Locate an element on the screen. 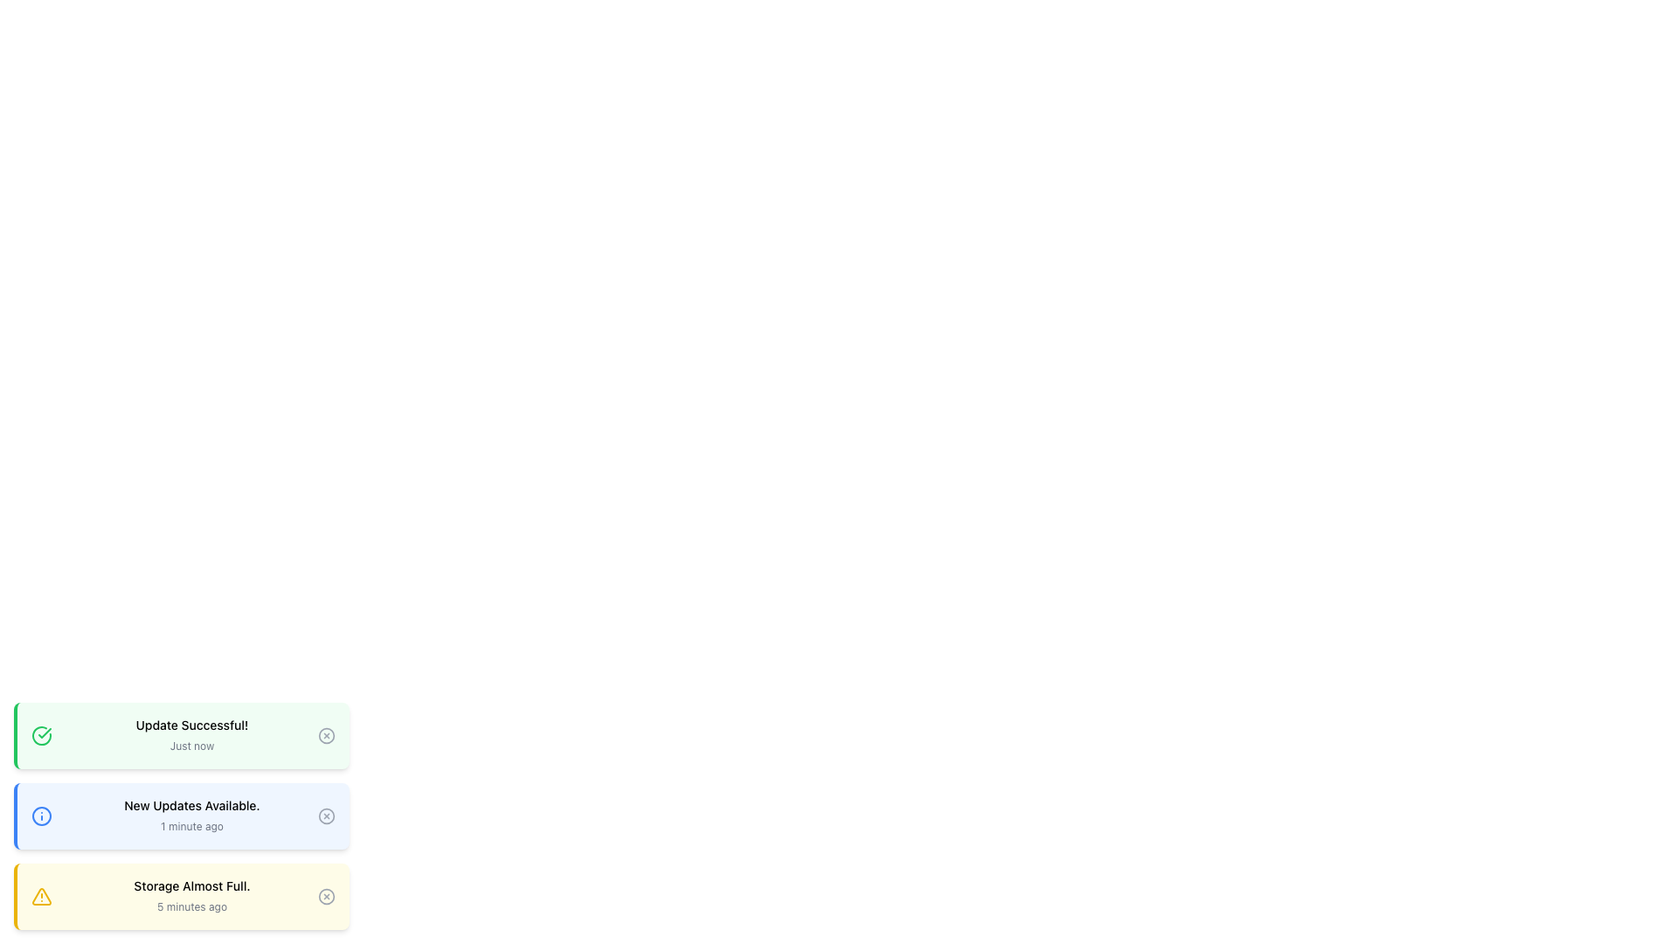 The height and width of the screenshot is (944, 1678). the success notification icon located at the top-left corner of the notification card with a green border, adjacent to the text 'Update Successful!' and 'Just now' is located at coordinates (42, 735).